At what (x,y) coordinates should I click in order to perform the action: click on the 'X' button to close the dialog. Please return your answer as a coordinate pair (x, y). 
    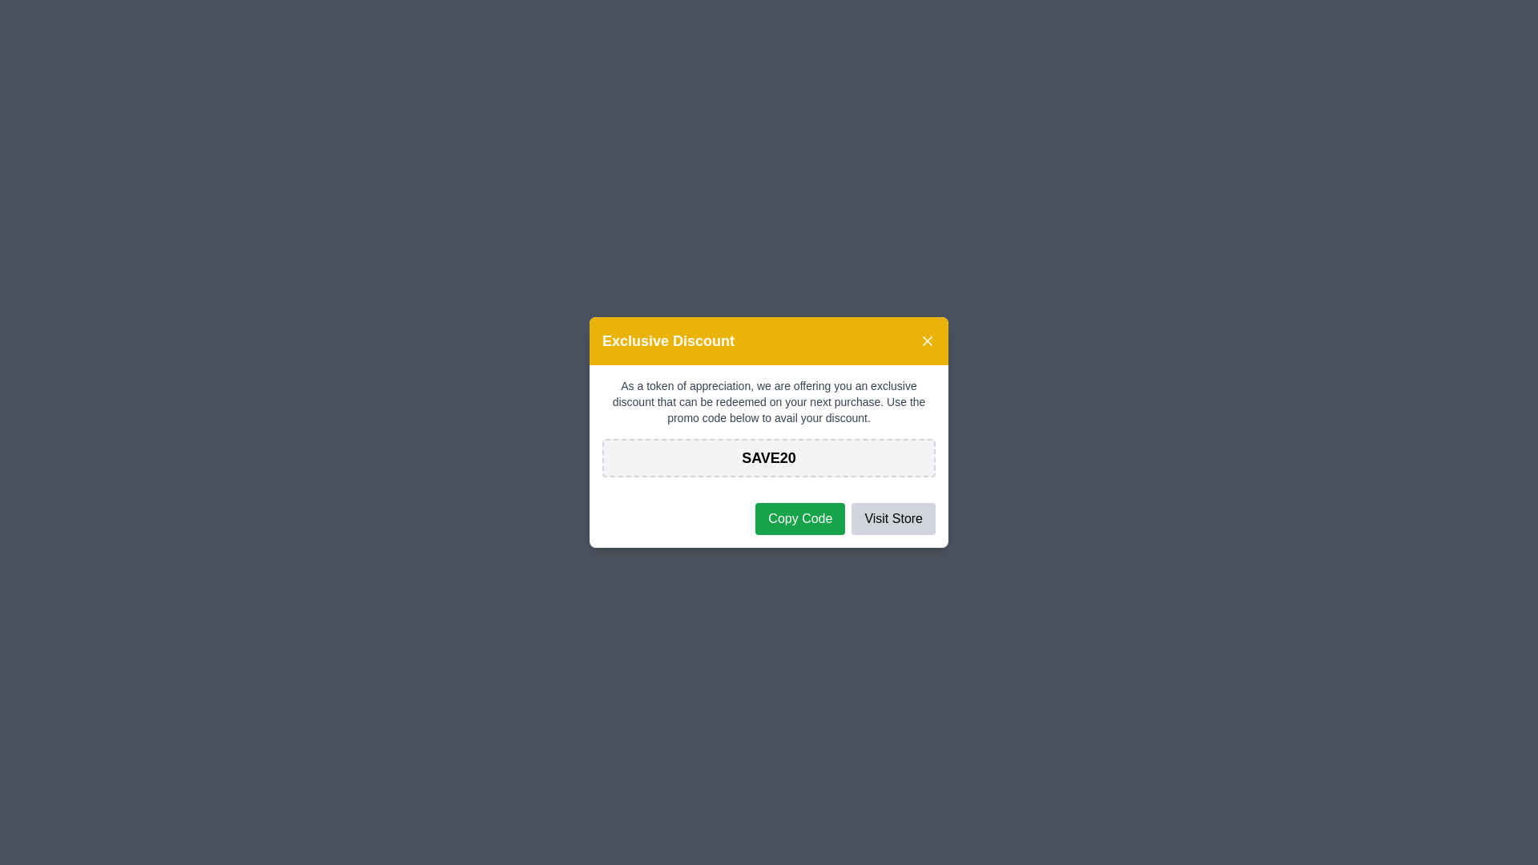
    Looking at the image, I should click on (927, 340).